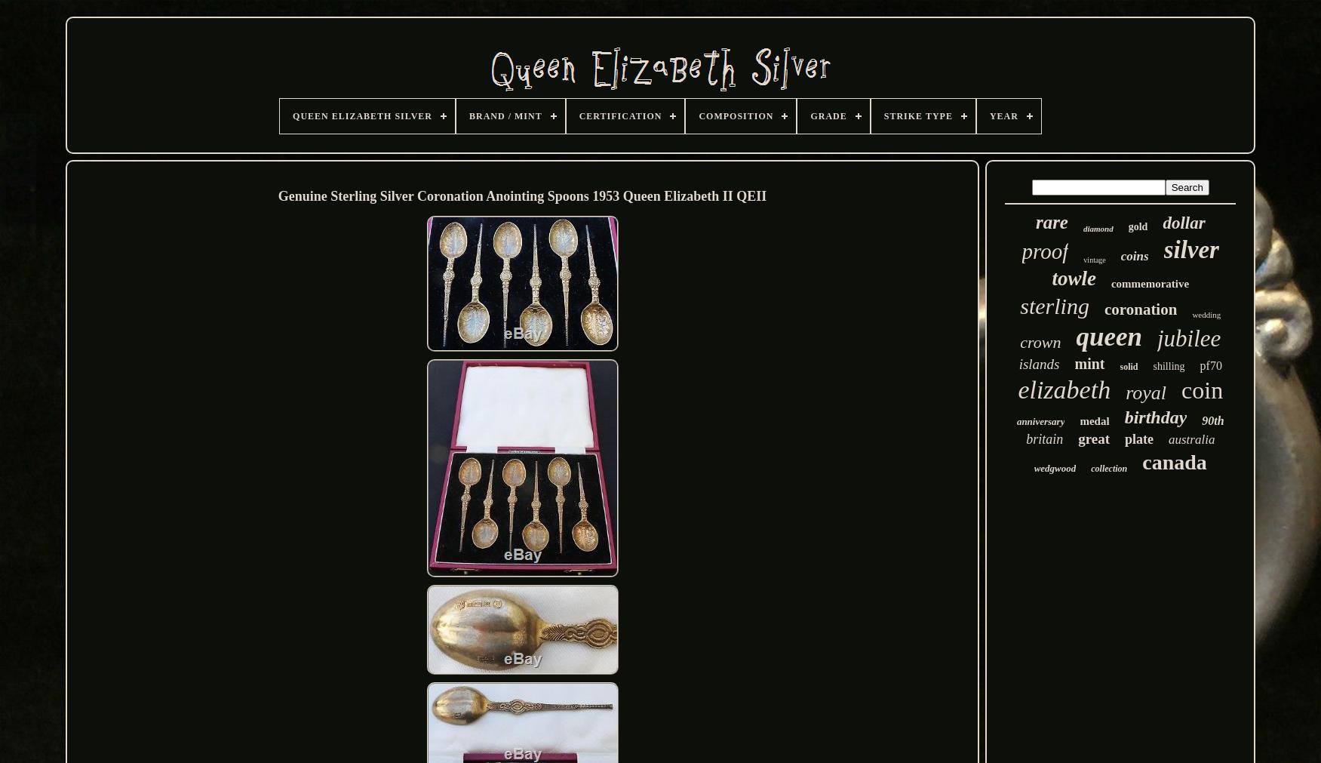 The image size is (1321, 763). I want to click on 'jubilee', so click(1187, 337).